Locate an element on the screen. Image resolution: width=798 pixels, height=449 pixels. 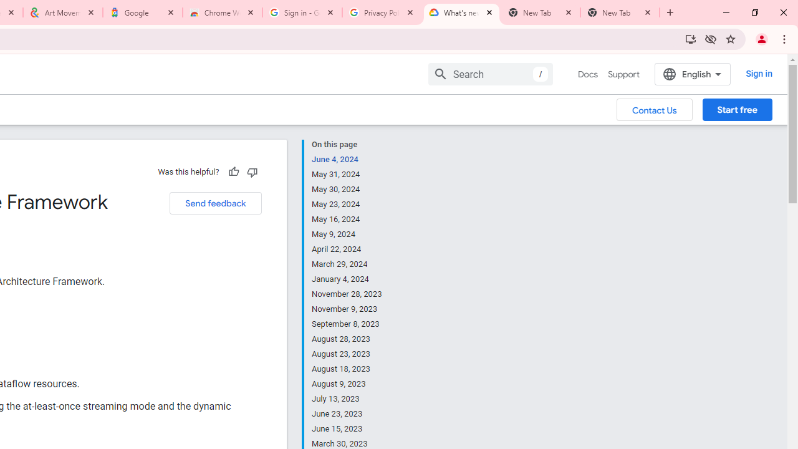
'Chrome Web Store - Color themes by Chrome' is located at coordinates (223, 12).